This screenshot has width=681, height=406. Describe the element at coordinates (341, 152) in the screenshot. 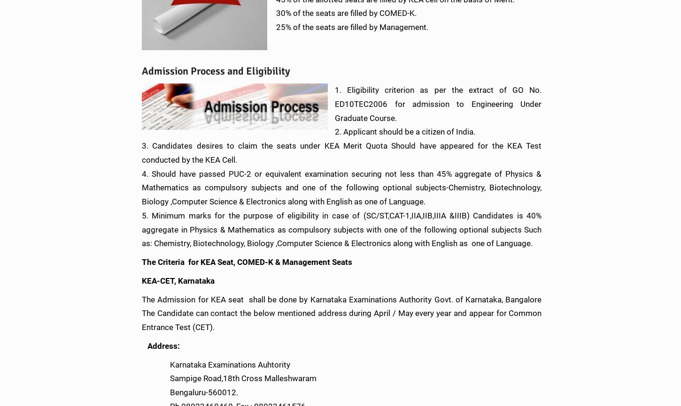

I see `'3. Candidates desires to claim the seats under KEA Merit Quota Should have appeared for the KEA Test conducted by the KEA Cell.'` at that location.